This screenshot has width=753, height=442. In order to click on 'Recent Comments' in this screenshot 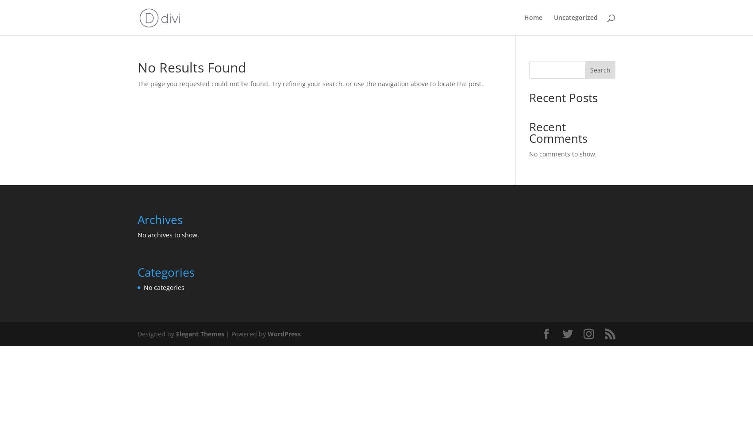, I will do `click(558, 133)`.